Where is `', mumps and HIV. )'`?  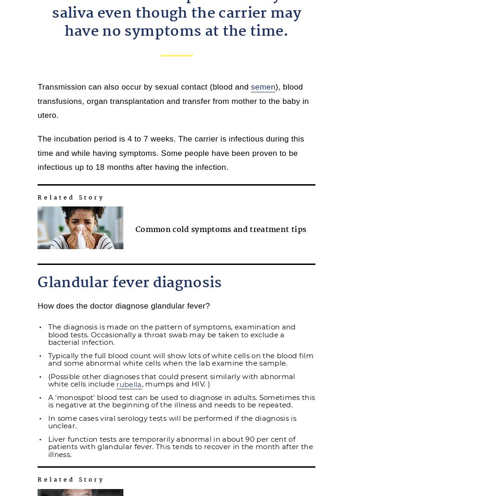
', mumps and HIV. )' is located at coordinates (175, 384).